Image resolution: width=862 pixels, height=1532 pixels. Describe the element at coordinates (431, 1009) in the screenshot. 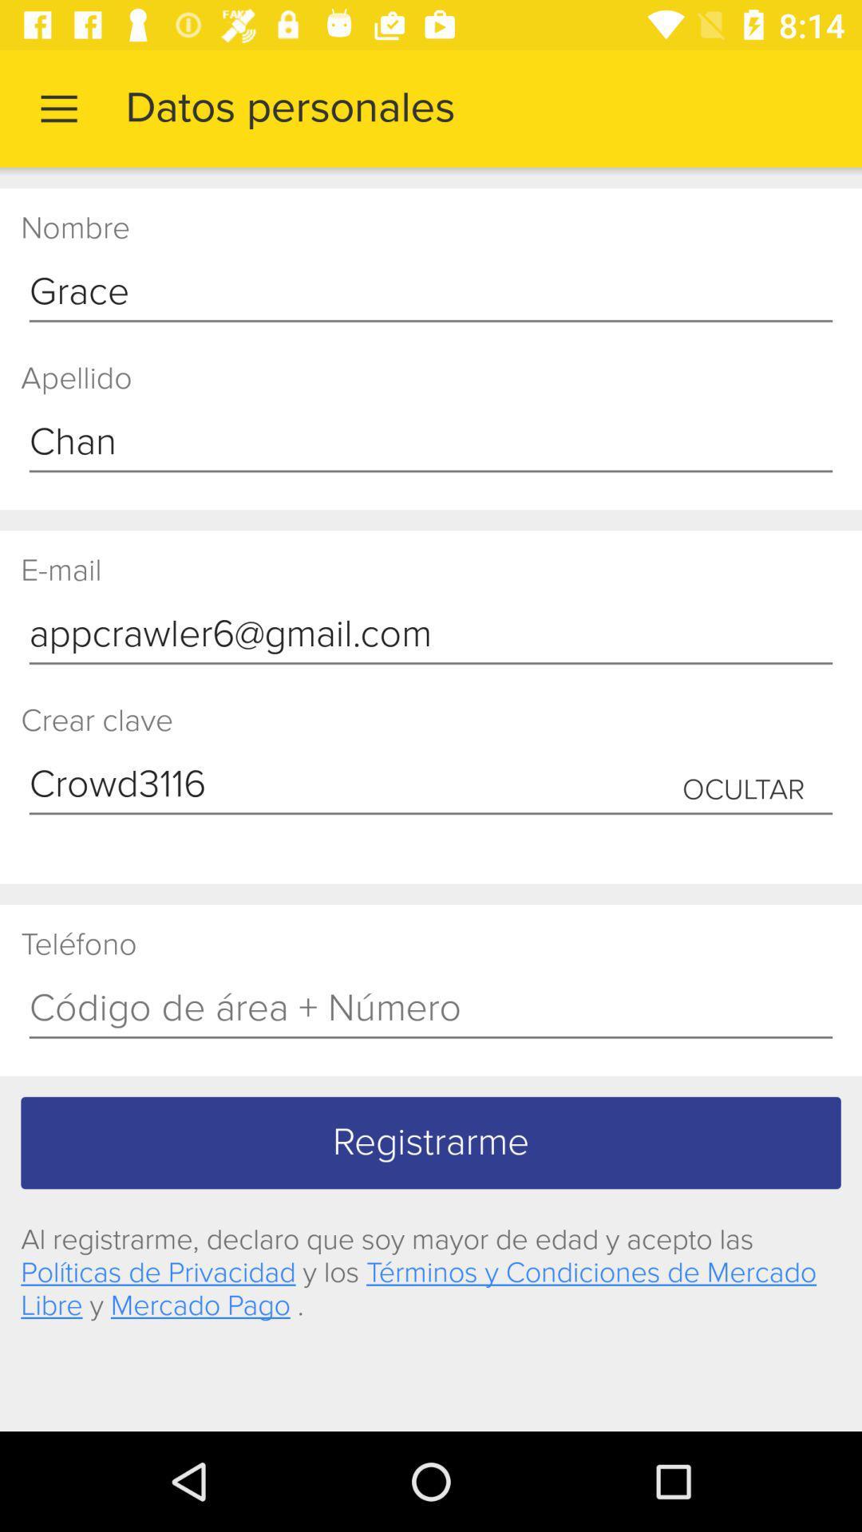

I see `telephone number` at that location.